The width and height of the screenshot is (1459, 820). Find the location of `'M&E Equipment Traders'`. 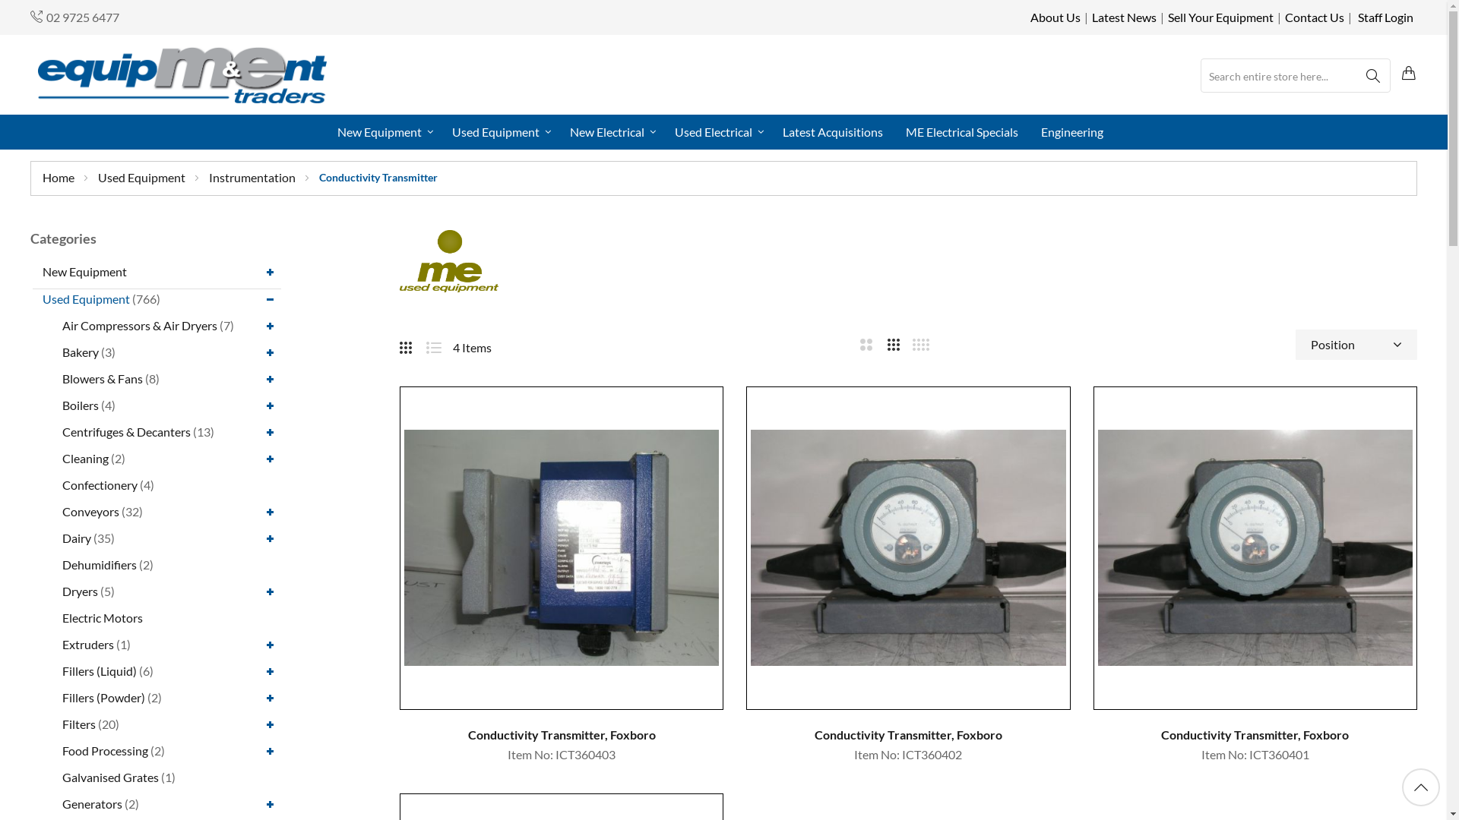

'M&E Equipment Traders' is located at coordinates (182, 74).